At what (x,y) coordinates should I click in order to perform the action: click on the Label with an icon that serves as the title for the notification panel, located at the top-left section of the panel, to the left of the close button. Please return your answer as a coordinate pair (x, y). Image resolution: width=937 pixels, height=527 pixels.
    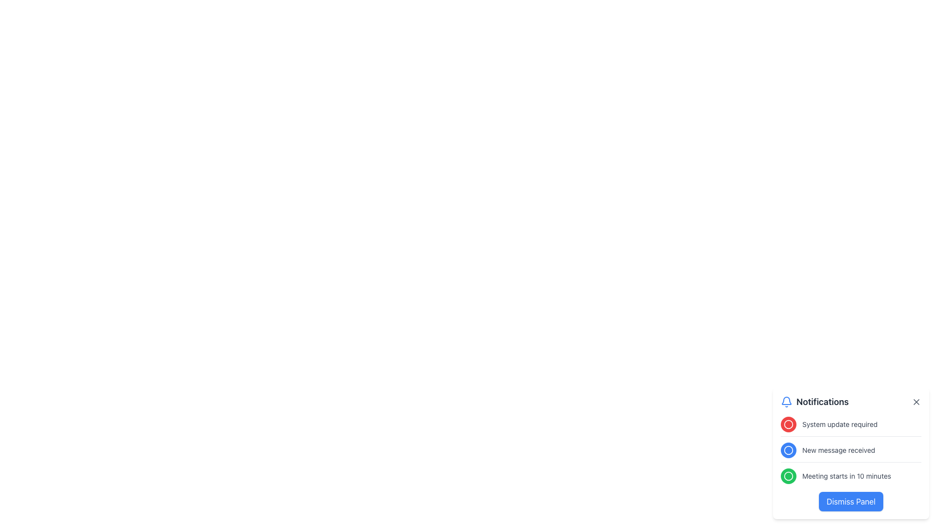
    Looking at the image, I should click on (815, 402).